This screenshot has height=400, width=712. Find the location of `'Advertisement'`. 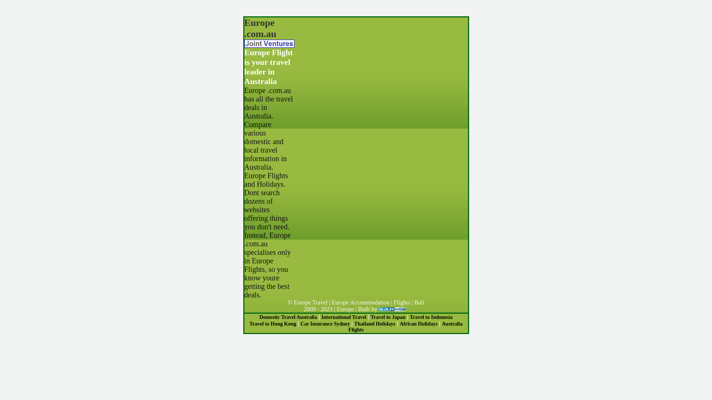

'Advertisement' is located at coordinates (294, 20).